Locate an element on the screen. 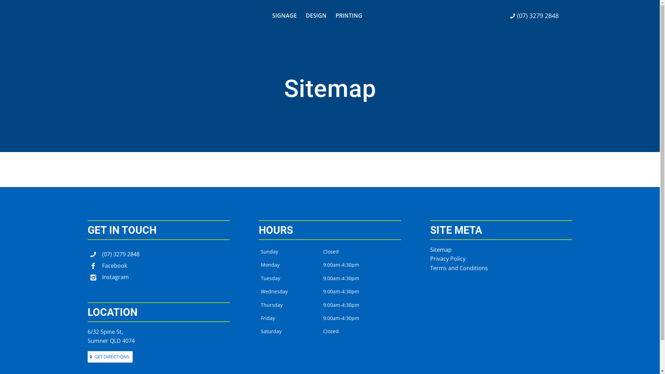 Image resolution: width=665 pixels, height=374 pixels. 'Sitemap' is located at coordinates (440, 250).